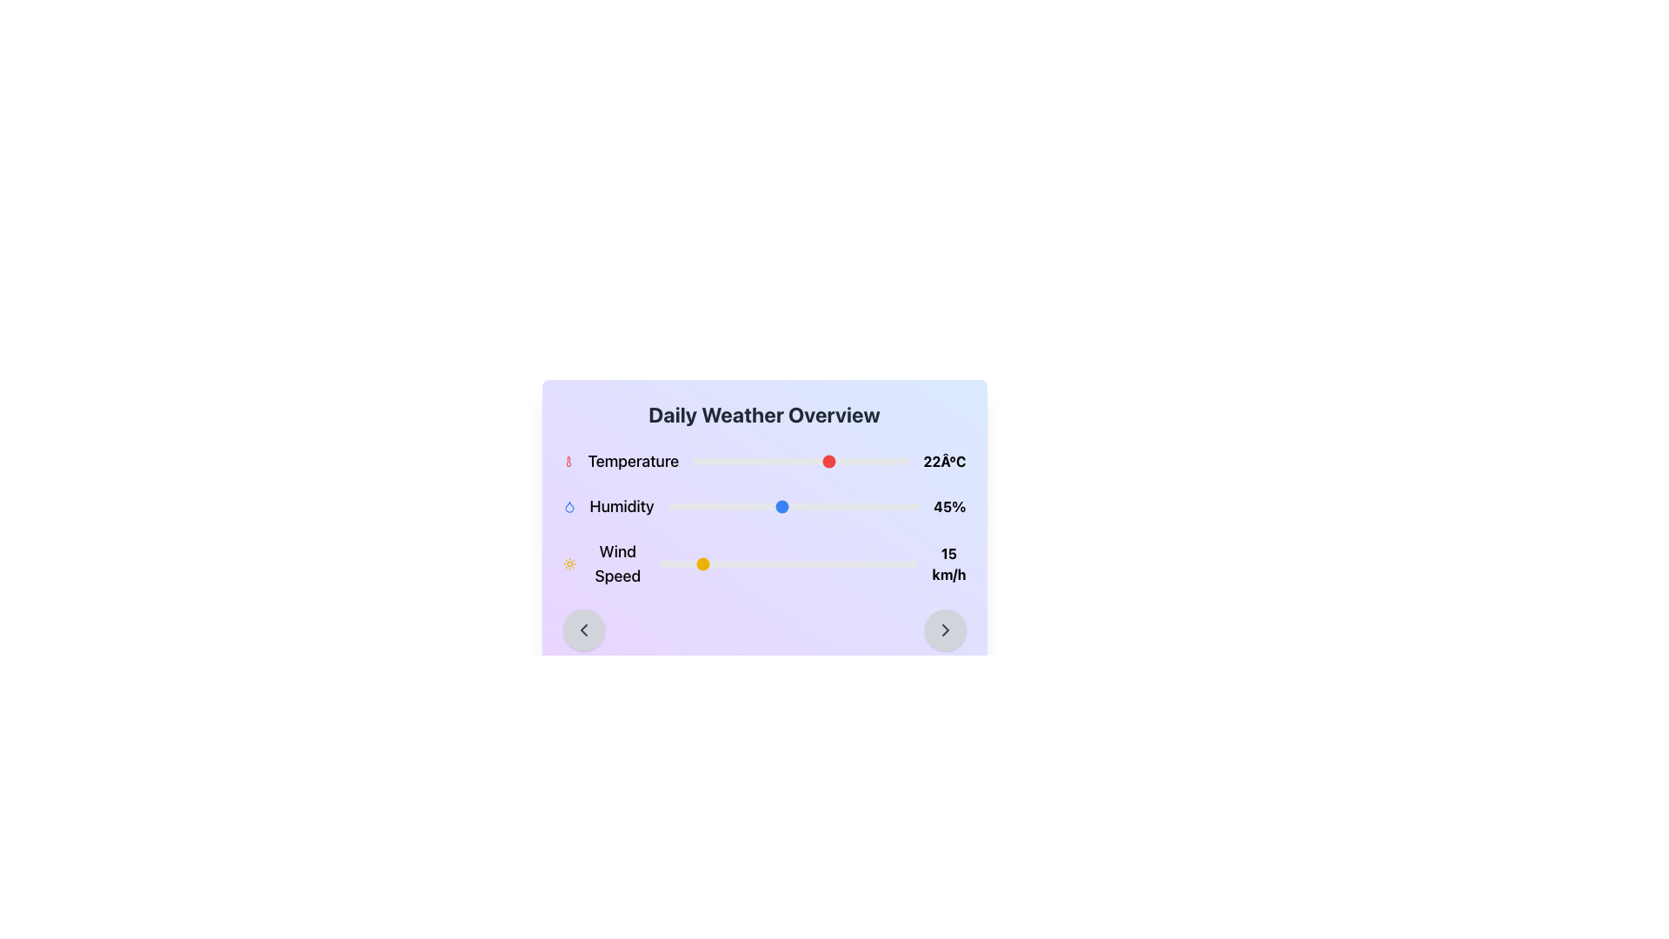  Describe the element at coordinates (689, 506) in the screenshot. I see `the humidity level` at that location.